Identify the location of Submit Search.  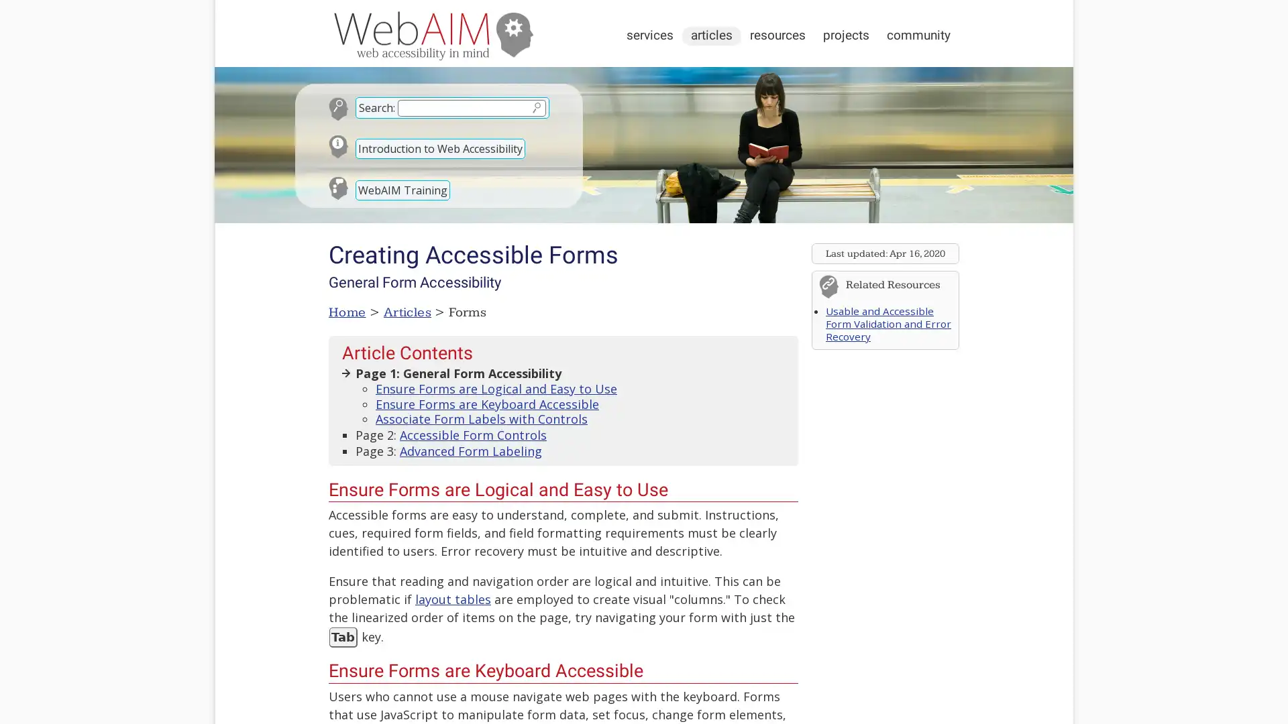
(535, 107).